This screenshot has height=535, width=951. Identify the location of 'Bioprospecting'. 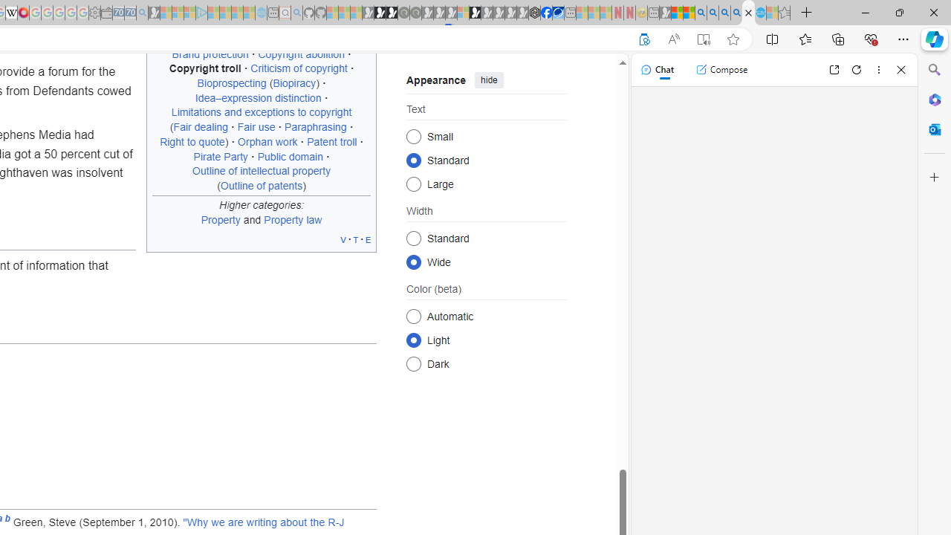
(230, 83).